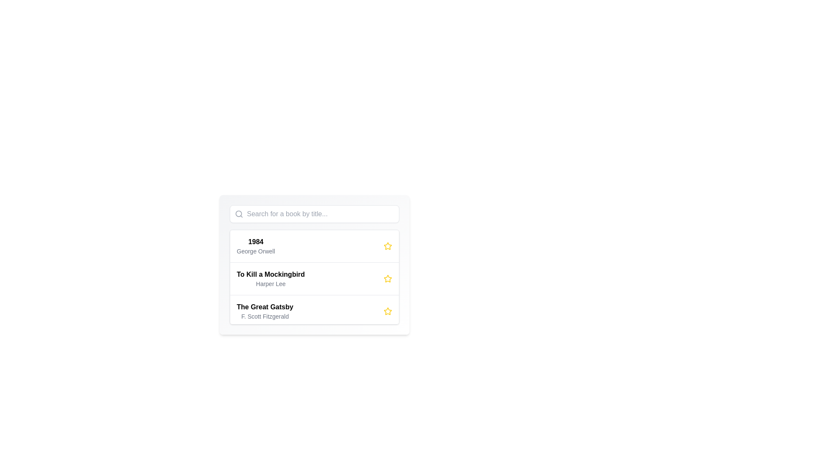  What do you see at coordinates (270, 284) in the screenshot?
I see `the text display element showing the name 'Harper Lee', which is styled in a smaller font size and grey color, positioned below the title 'To Kill a Mockingbird' within the book list` at bounding box center [270, 284].